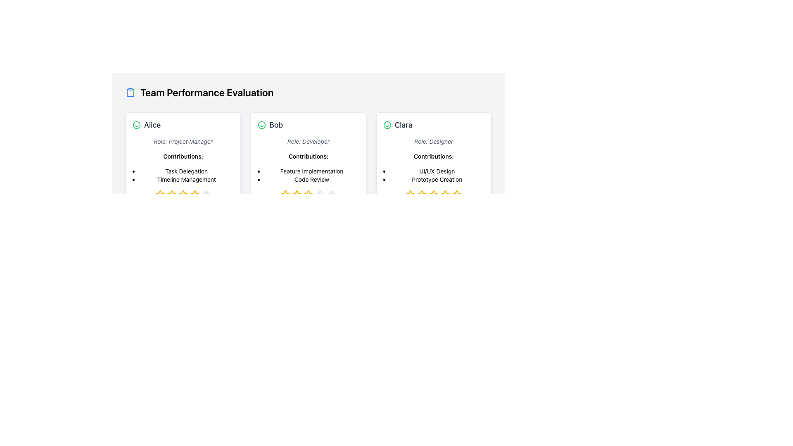 This screenshot has height=446, width=793. Describe the element at coordinates (308, 195) in the screenshot. I see `the rating component displaying 3 out of 5 stars for user 'Bob'` at that location.